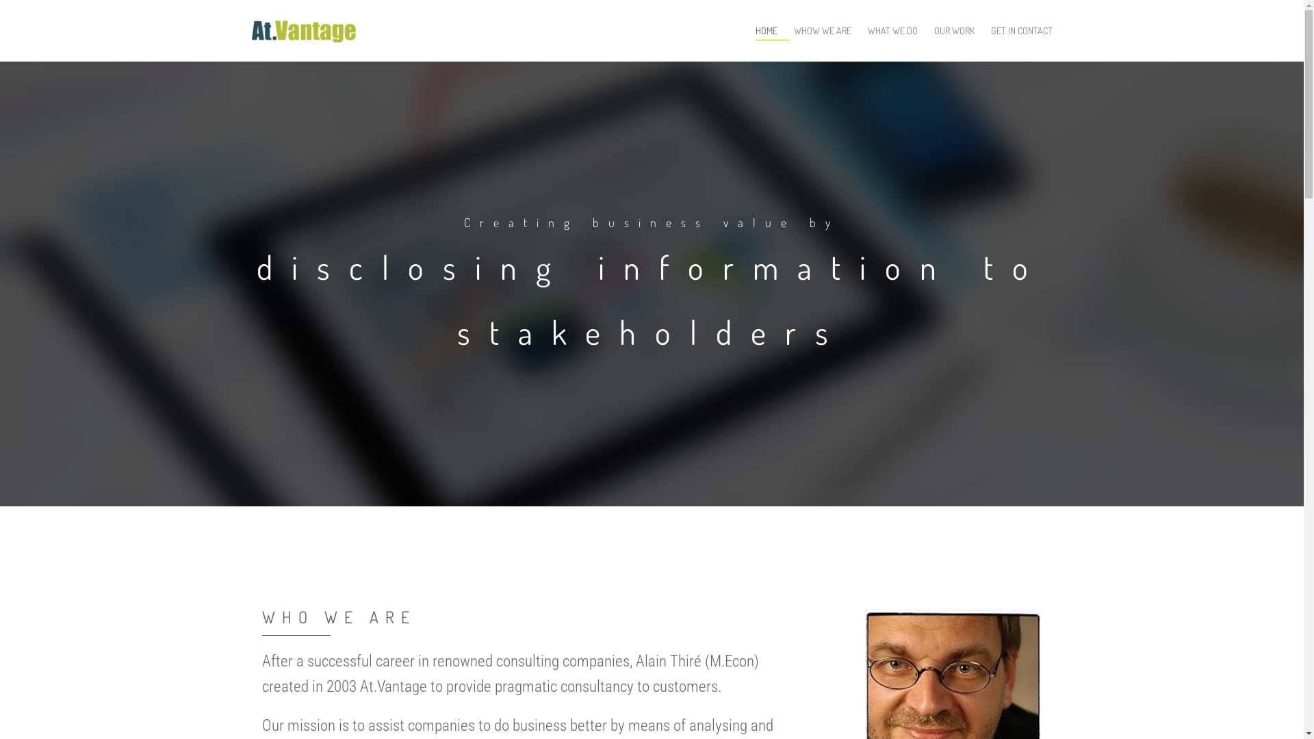 Image resolution: width=1314 pixels, height=739 pixels. What do you see at coordinates (1021, 31) in the screenshot?
I see `'GET IN CONTACT'` at bounding box center [1021, 31].